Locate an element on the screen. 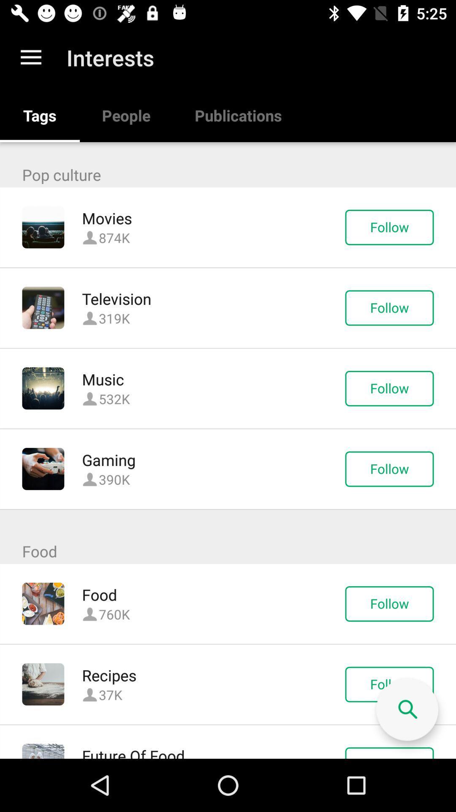 The height and width of the screenshot is (812, 456). item to the left of interests app is located at coordinates (30, 57).